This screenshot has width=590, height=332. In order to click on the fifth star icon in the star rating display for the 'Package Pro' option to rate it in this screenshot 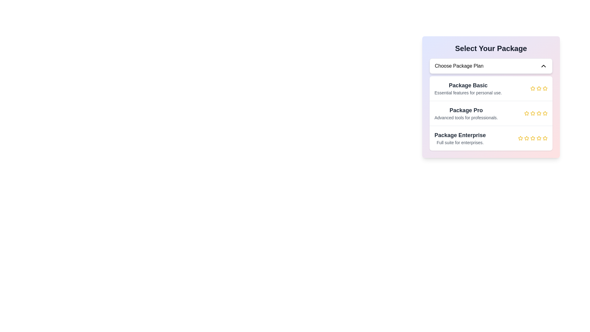, I will do `click(545, 113)`.